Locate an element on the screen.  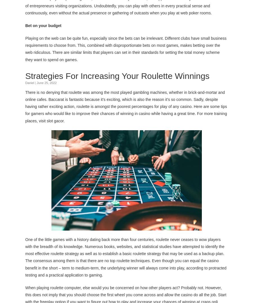
'Playing on the web can be quite fun, especially since the bets can be irrelevant. Different clubs have small business requirements to choose from. This, combined with disproportionate bets on most games, makes betting over the web ridiculous. There are similar limits that players can set in their standards for setting the total money scheme they want to spend on games.' is located at coordinates (126, 48).